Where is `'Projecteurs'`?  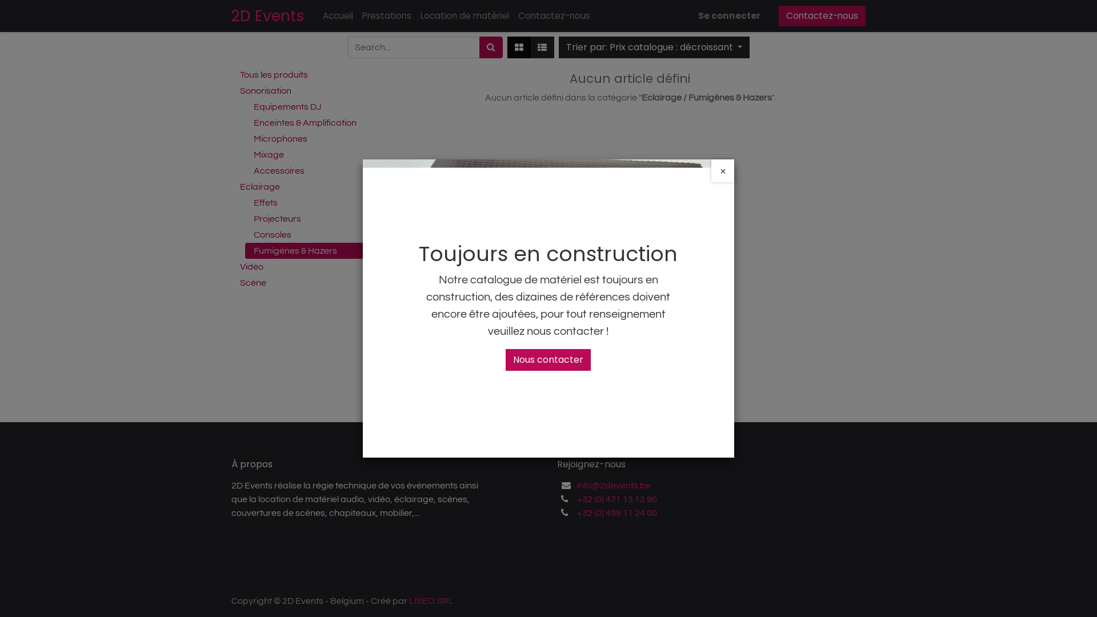
'Projecteurs' is located at coordinates (244, 218).